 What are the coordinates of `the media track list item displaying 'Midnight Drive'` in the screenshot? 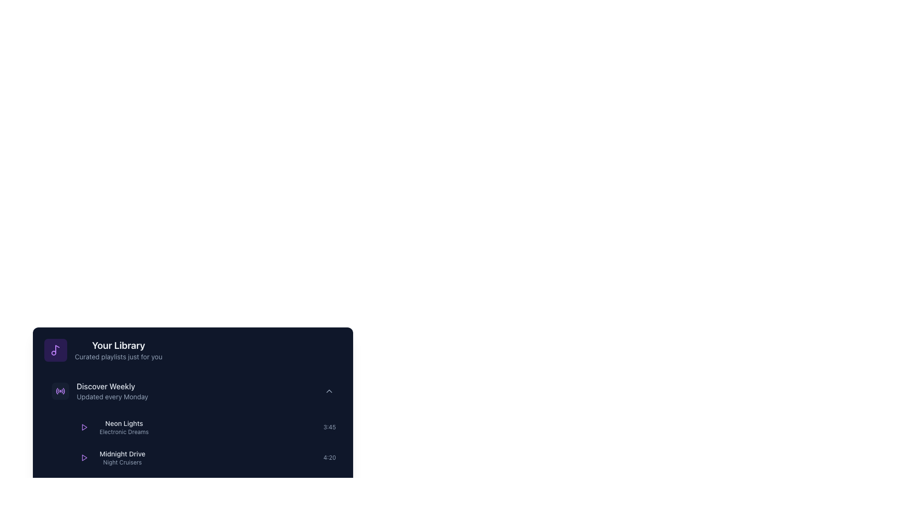 It's located at (205, 457).